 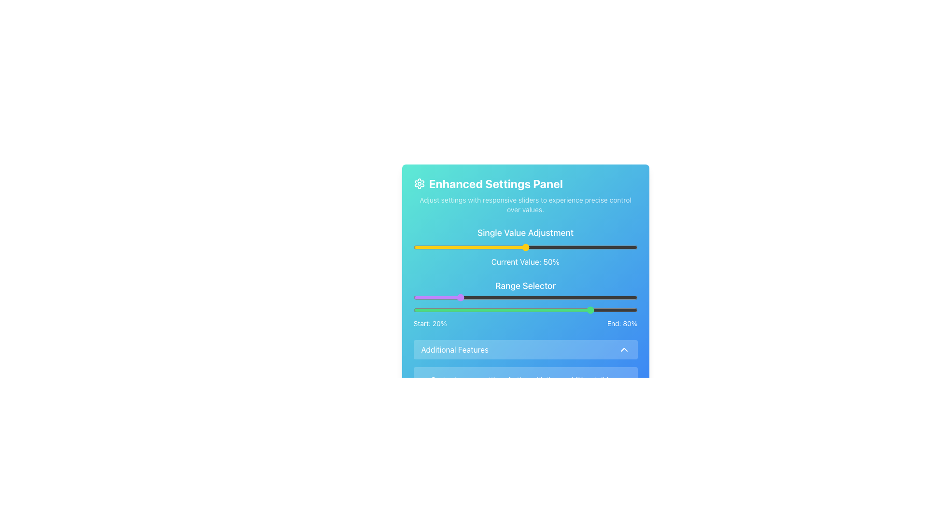 I want to click on the slider value, so click(x=465, y=247).